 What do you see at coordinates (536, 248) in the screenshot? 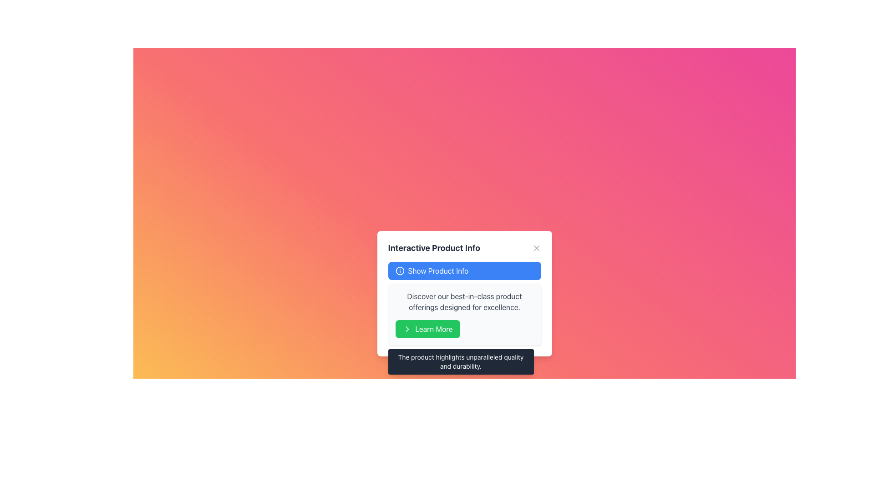
I see `the close button (X shape) located in the top-right corner of the 'Interactive Product Info' popup window` at bounding box center [536, 248].